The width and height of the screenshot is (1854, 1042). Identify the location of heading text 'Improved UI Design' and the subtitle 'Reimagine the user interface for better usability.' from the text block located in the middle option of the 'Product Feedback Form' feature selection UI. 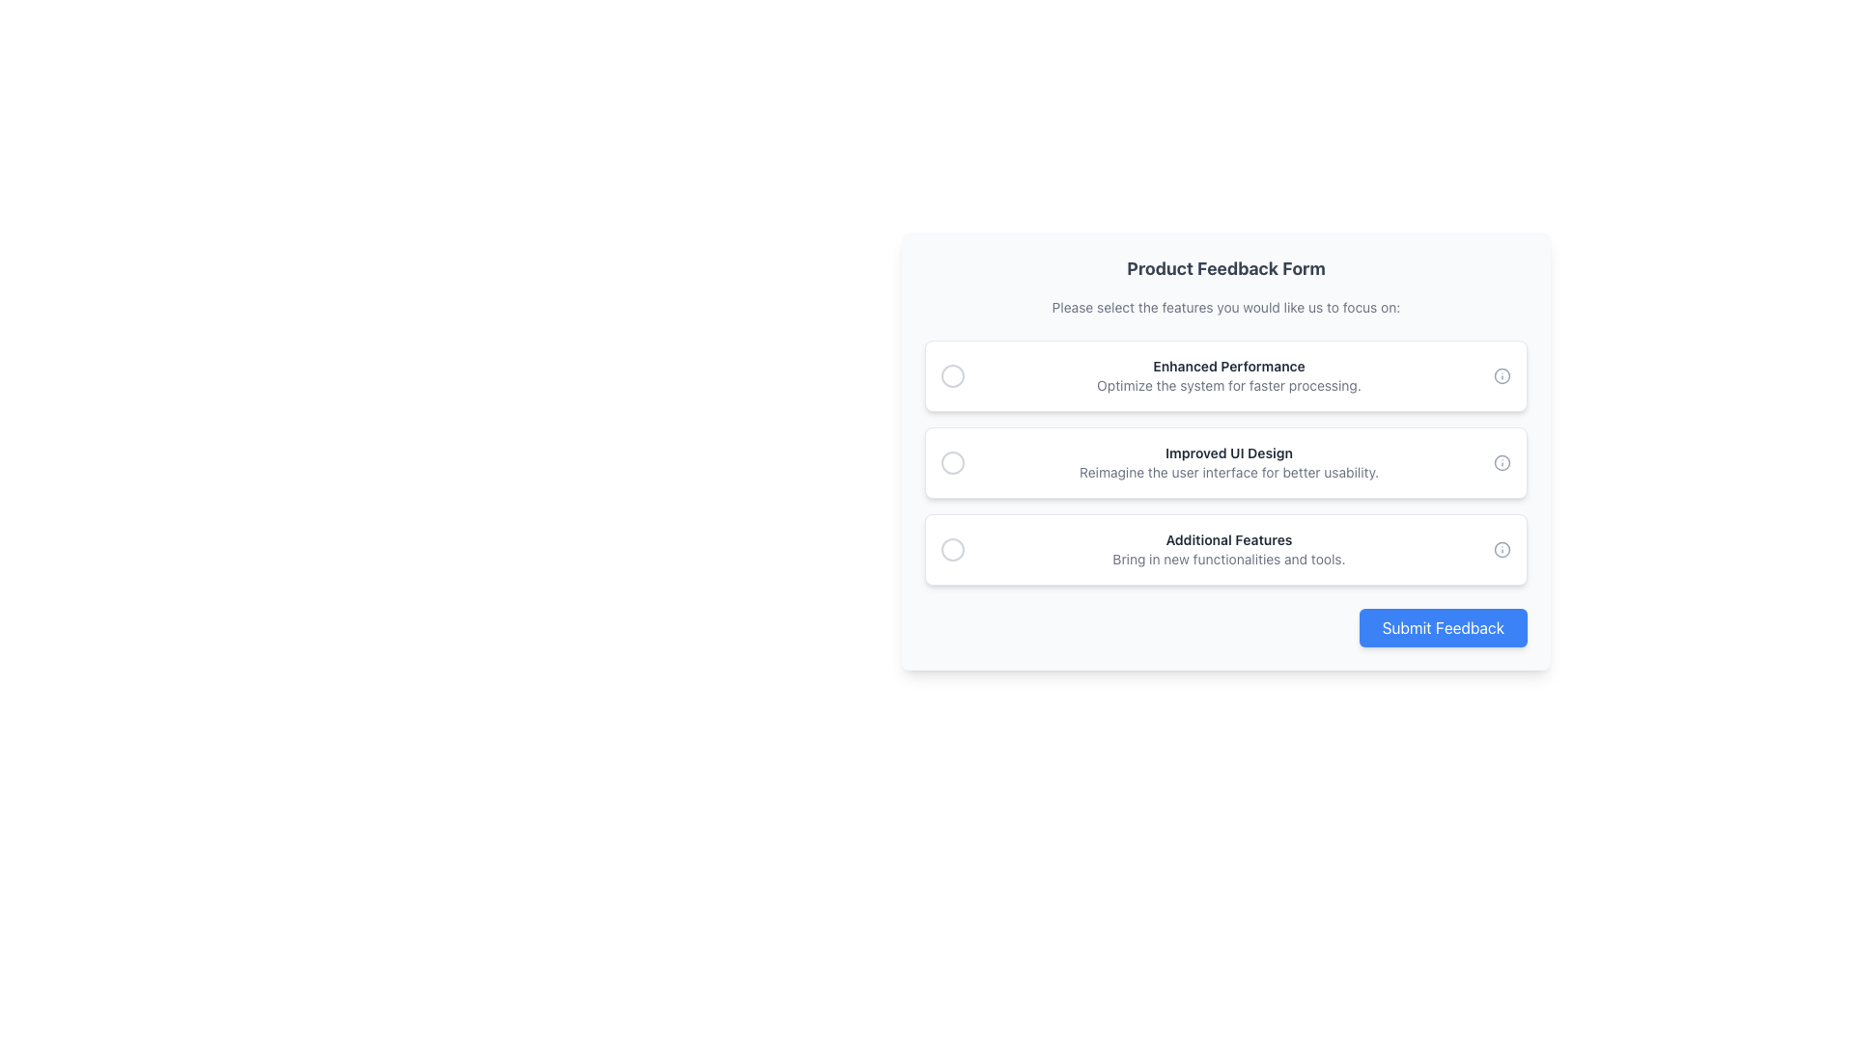
(1227, 462).